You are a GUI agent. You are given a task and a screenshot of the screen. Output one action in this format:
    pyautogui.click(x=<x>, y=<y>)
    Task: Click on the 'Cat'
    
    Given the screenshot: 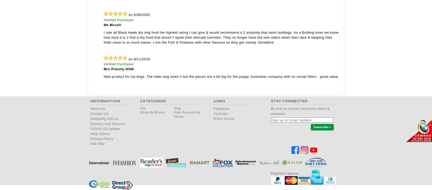 What is the action you would take?
    pyautogui.click(x=142, y=108)
    